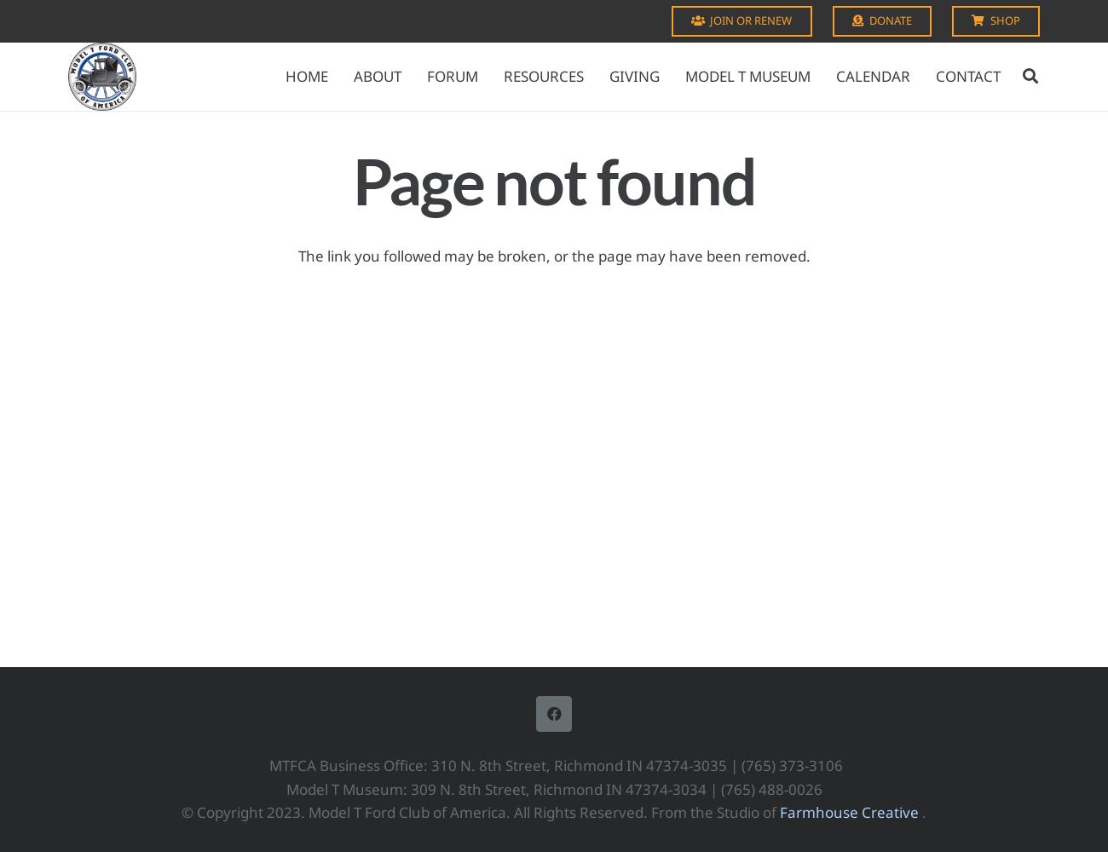  I want to click on '© Copyright', so click(222, 810).